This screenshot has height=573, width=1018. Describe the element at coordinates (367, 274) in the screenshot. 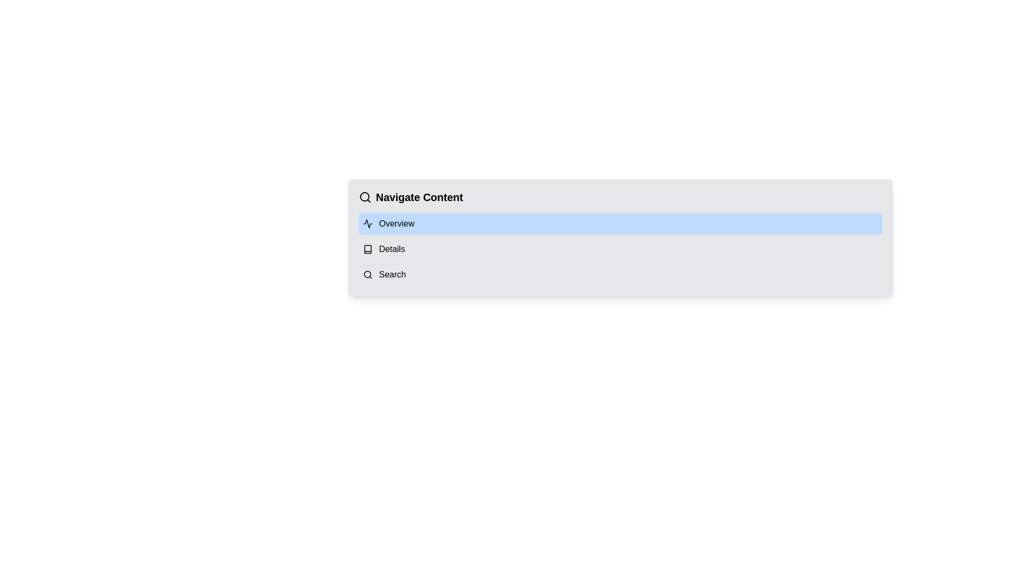

I see `the SVG circle icon located near the title 'Navigate Content' by clicking on it` at that location.